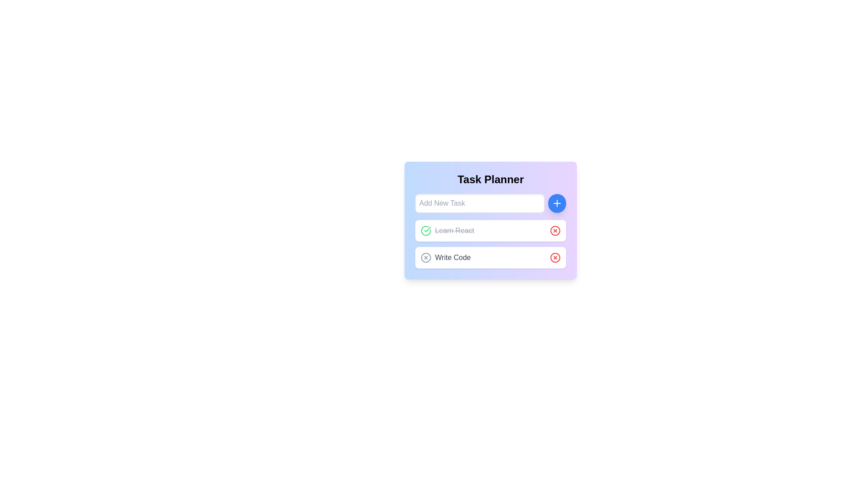  Describe the element at coordinates (426, 258) in the screenshot. I see `the toggle button to change the completion status of the associated task 'Write Code', which is located to the left of the task label` at that location.